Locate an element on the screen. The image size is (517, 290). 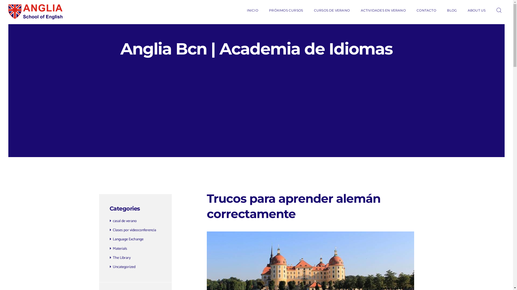
'Language Exchange' is located at coordinates (128, 239).